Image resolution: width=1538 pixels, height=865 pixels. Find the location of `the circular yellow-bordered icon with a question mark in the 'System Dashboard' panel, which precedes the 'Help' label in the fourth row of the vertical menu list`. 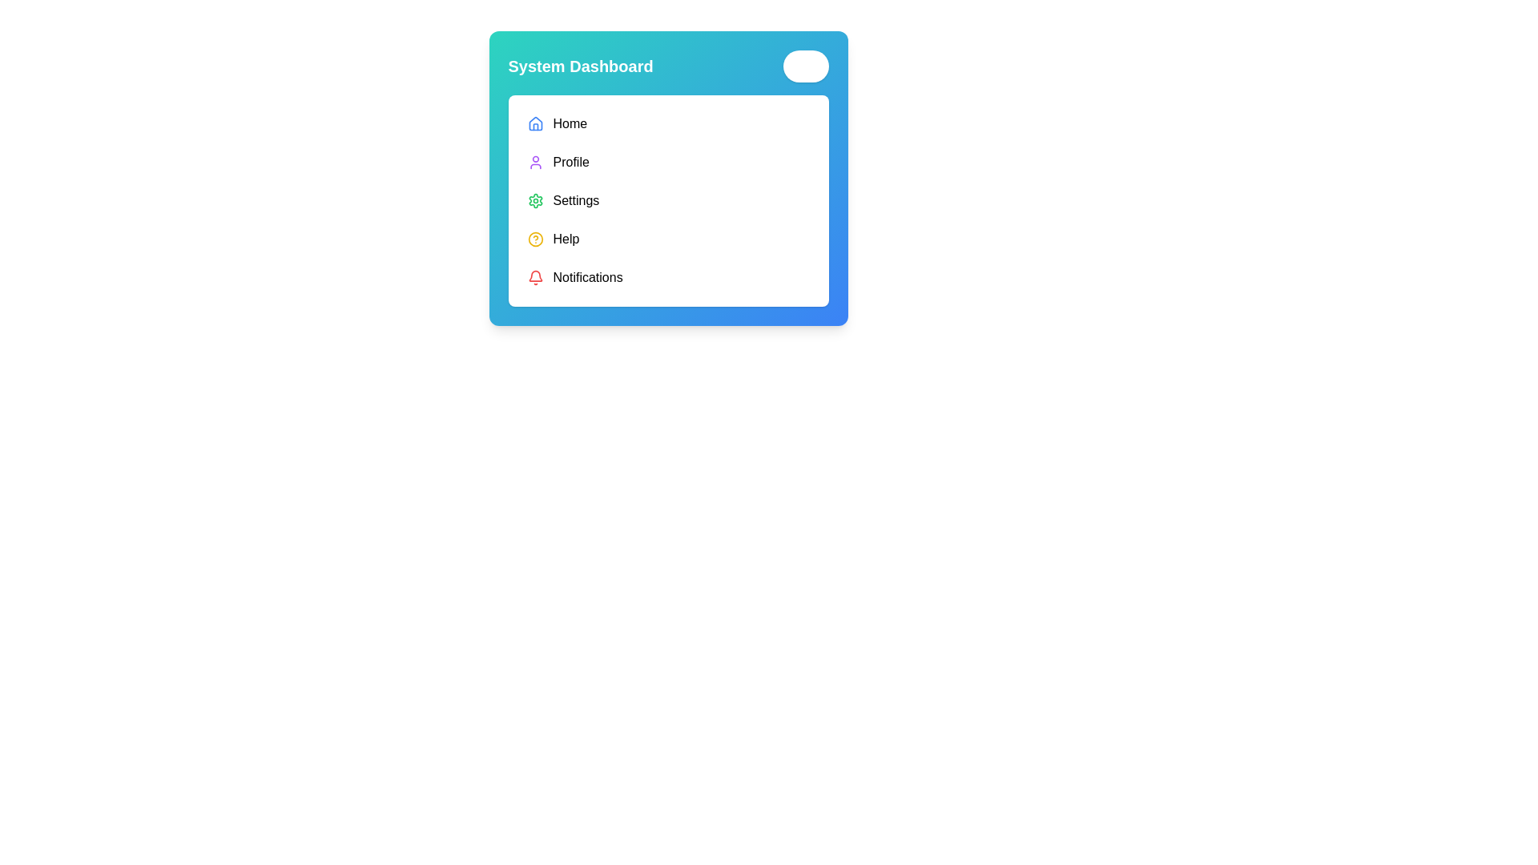

the circular yellow-bordered icon with a question mark in the 'System Dashboard' panel, which precedes the 'Help' label in the fourth row of the vertical menu list is located at coordinates (535, 239).